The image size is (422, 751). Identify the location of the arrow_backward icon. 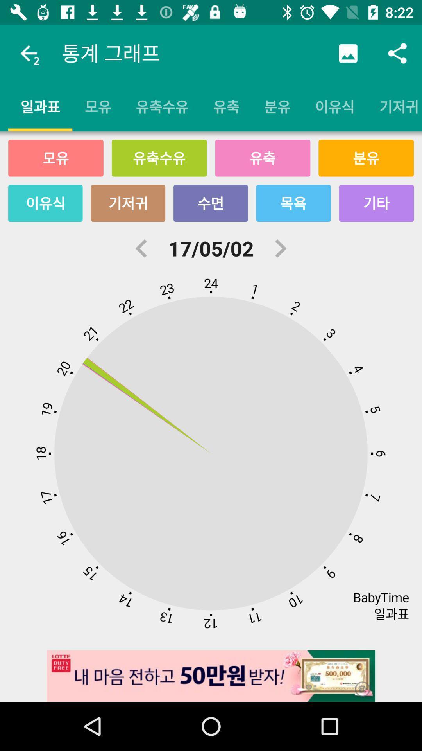
(141, 248).